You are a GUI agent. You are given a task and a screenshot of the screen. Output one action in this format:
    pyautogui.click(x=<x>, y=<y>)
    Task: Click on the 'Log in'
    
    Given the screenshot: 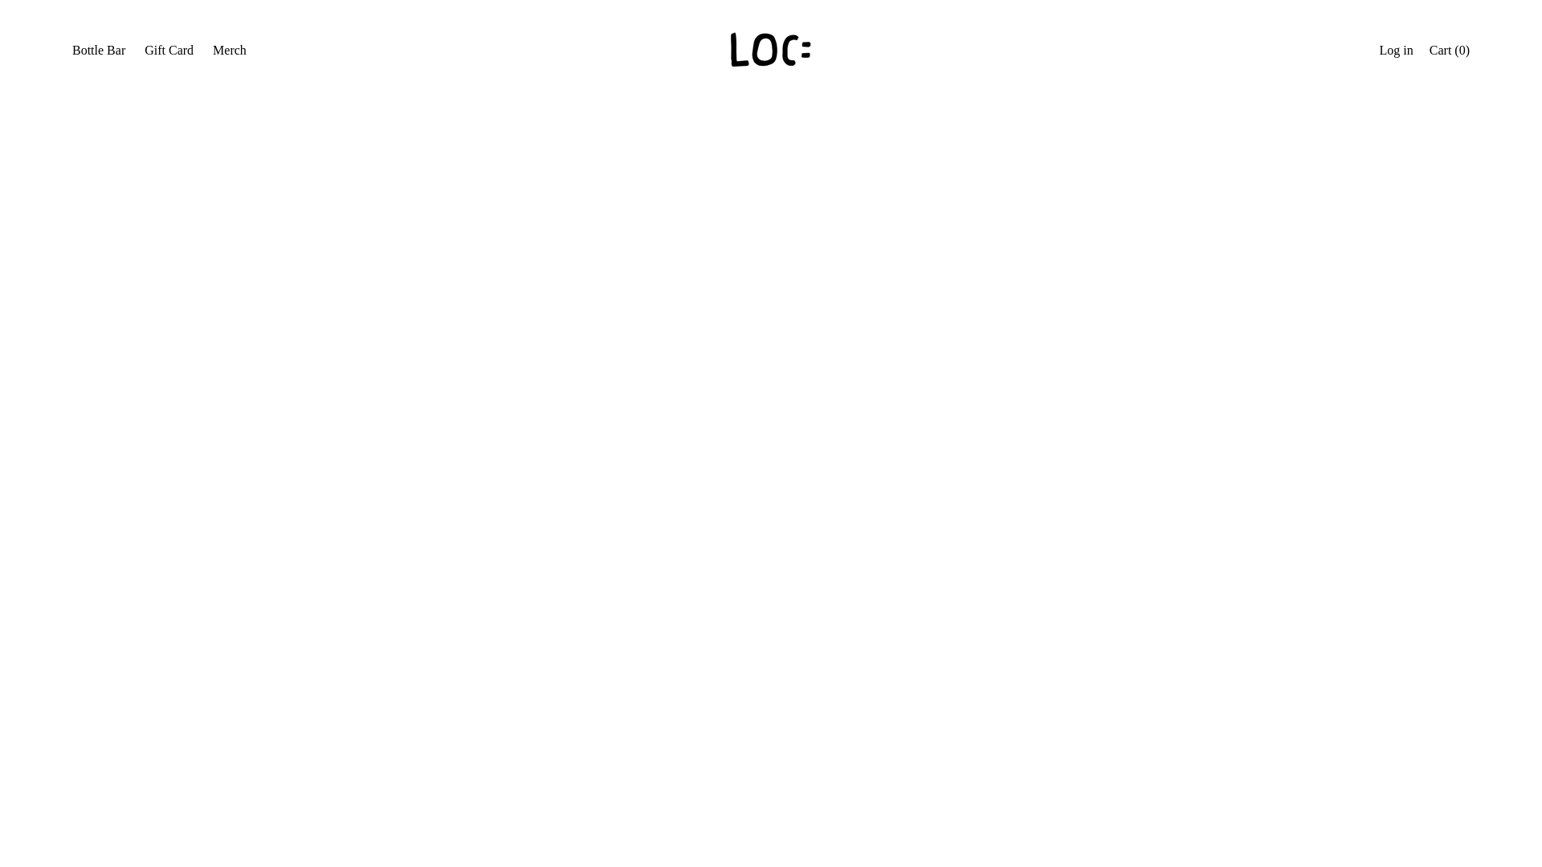 What is the action you would take?
    pyautogui.click(x=1395, y=51)
    